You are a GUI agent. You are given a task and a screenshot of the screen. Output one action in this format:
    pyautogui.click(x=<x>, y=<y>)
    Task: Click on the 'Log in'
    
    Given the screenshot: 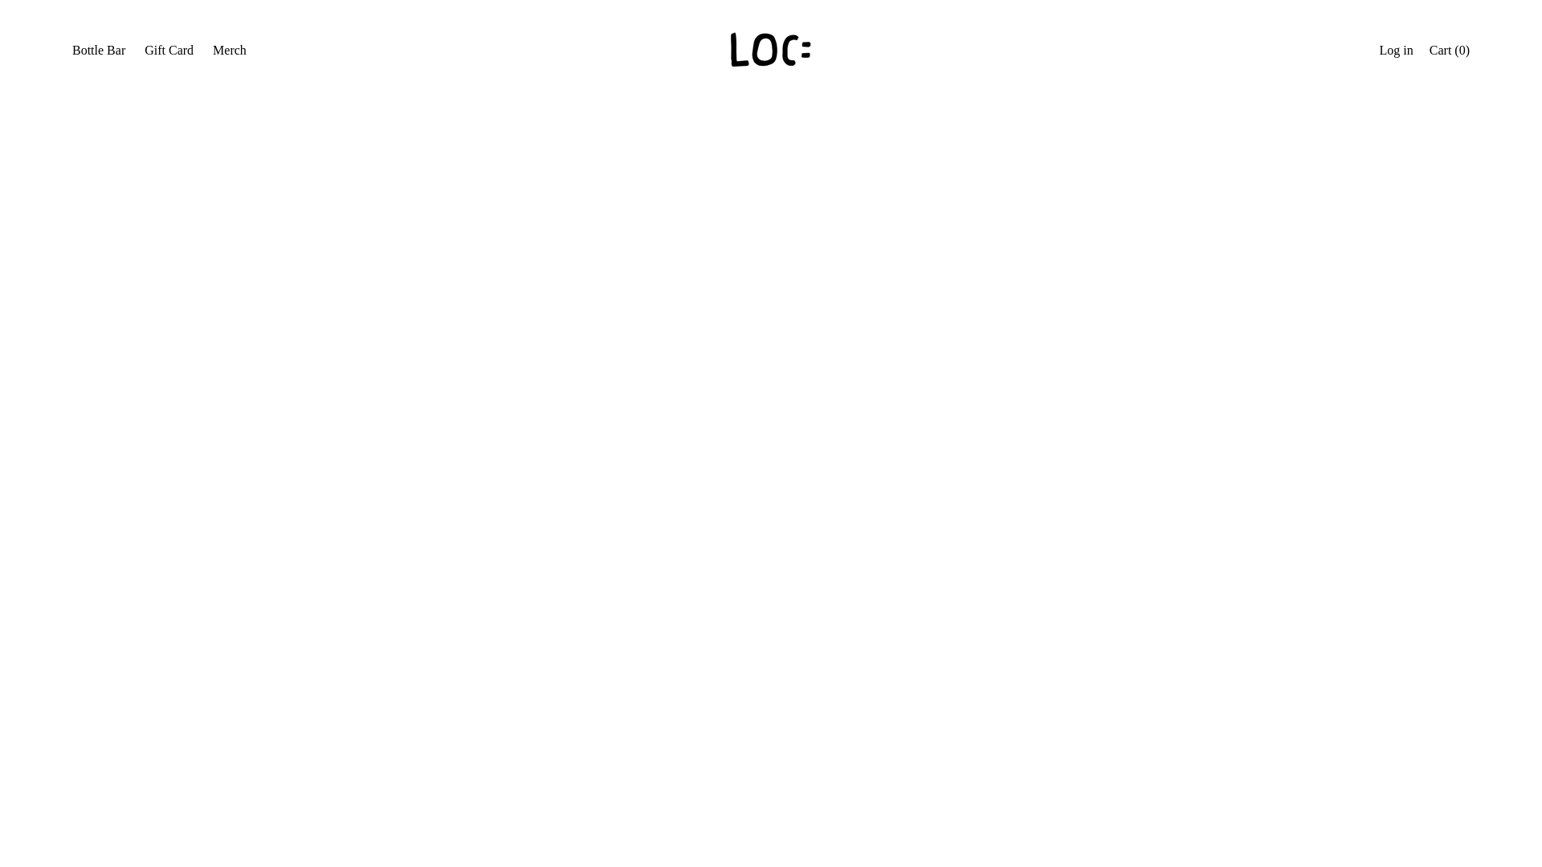 What is the action you would take?
    pyautogui.click(x=1395, y=51)
    